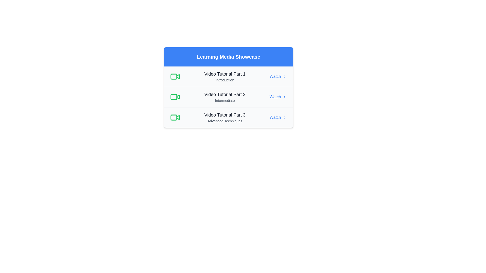 The height and width of the screenshot is (273, 486). Describe the element at coordinates (225, 115) in the screenshot. I see `the text label 'Video Tutorial Part 3', which is the primary text of the third item in a vertical list, styled with a larger bold font and positioned above the subtitle 'Advanced Techniques'` at that location.